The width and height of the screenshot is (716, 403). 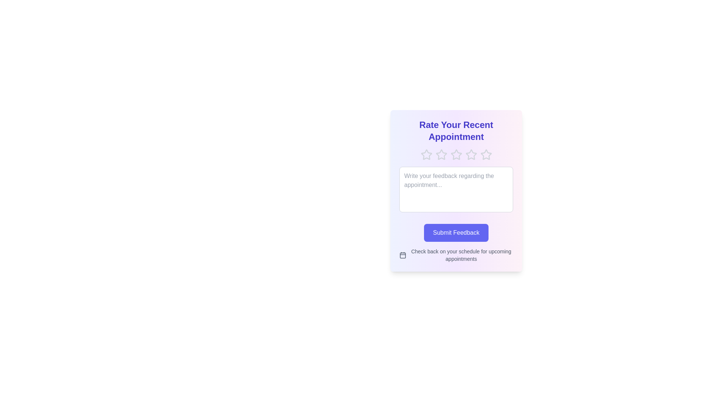 What do you see at coordinates (456, 189) in the screenshot?
I see `the text area and type the feedback text` at bounding box center [456, 189].